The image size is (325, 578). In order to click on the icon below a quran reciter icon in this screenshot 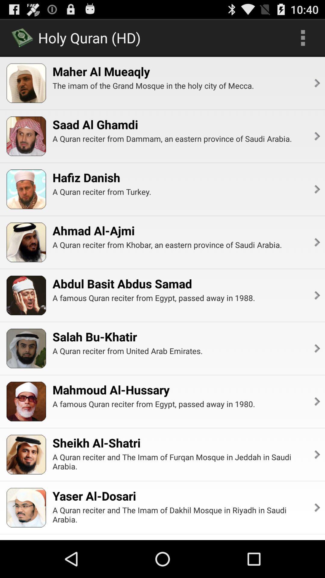, I will do `click(316, 189)`.